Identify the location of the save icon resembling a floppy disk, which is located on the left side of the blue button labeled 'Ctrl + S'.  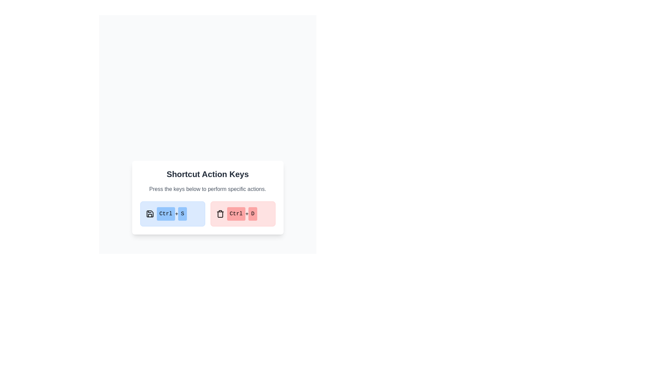
(149, 214).